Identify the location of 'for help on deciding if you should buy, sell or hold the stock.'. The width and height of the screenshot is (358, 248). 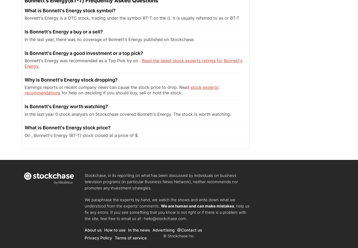
(121, 93).